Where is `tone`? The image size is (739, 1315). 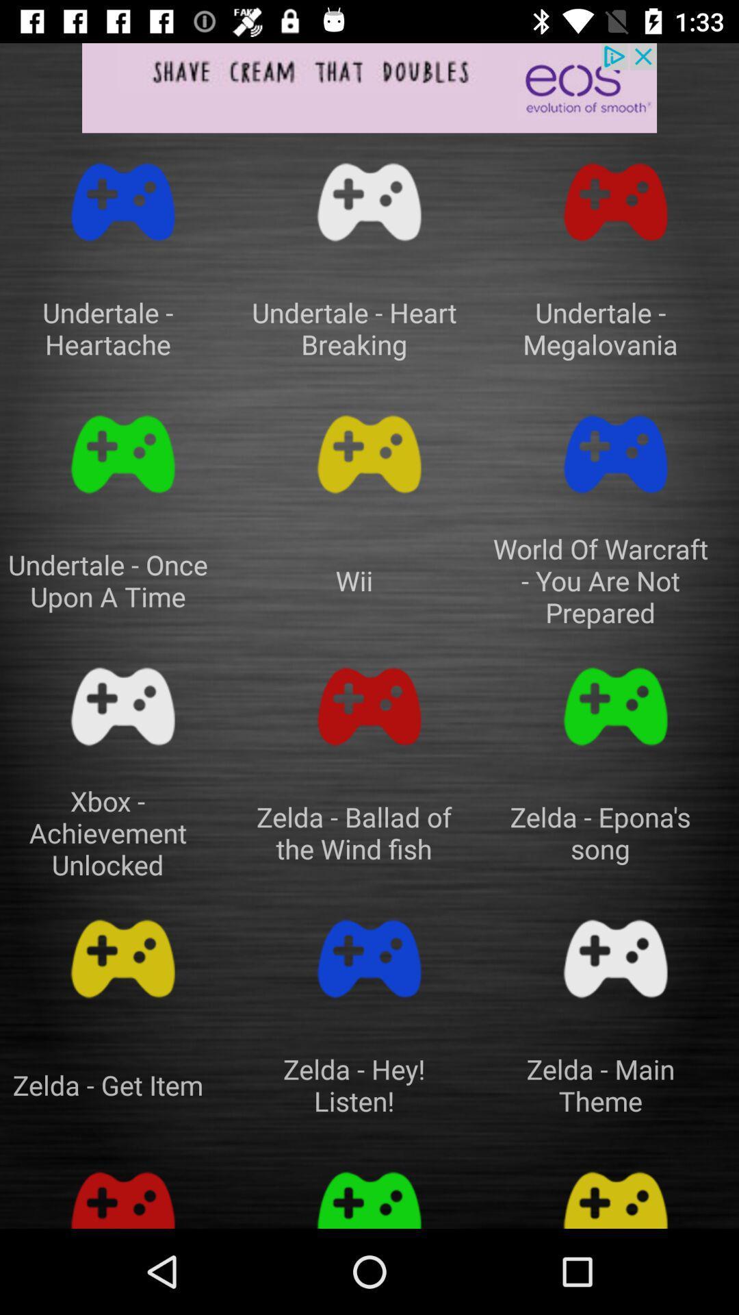
tone is located at coordinates (369, 958).